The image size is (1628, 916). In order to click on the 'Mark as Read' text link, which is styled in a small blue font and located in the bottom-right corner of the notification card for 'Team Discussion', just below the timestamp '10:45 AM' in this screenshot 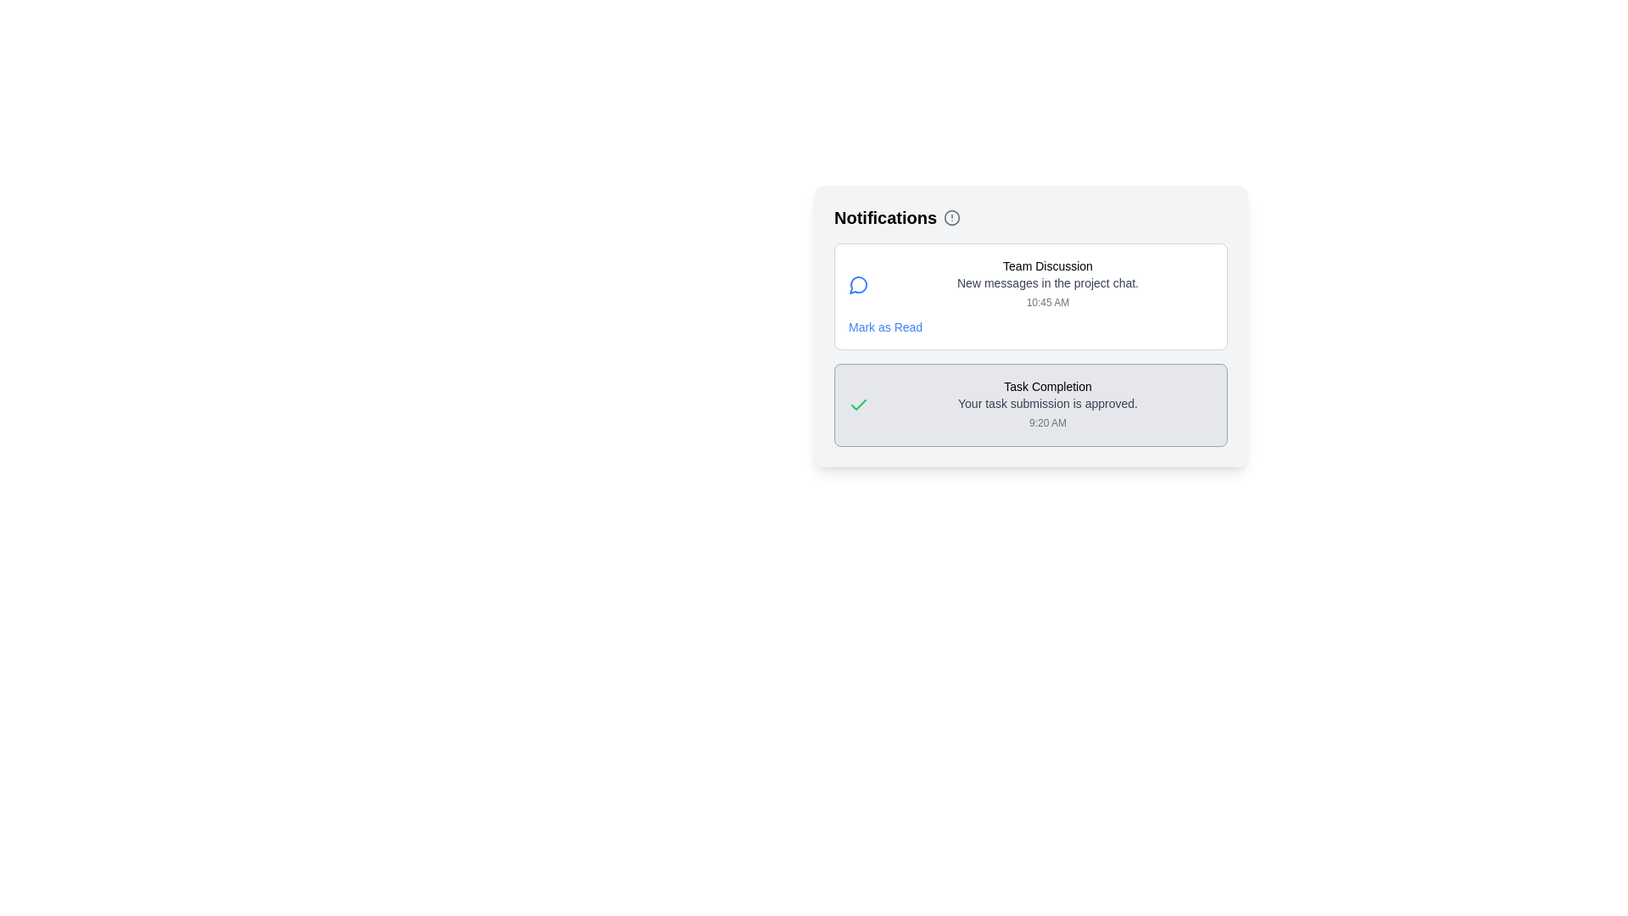, I will do `click(884, 327)`.